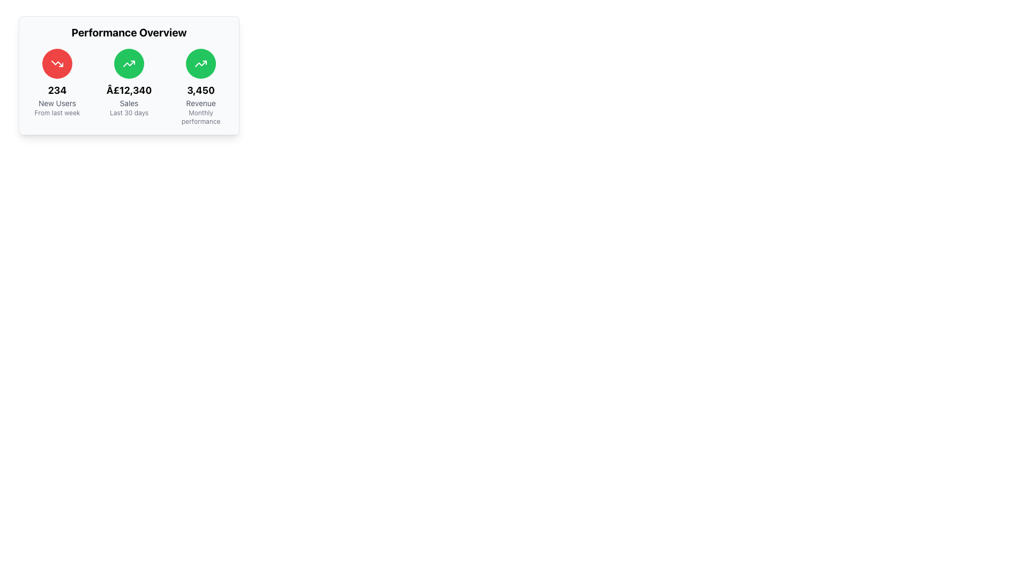  Describe the element at coordinates (129, 64) in the screenshot. I see `properties of the leftmost polyline element representing an upward trend in performance metrics, located centrally within a green circular icon` at that location.